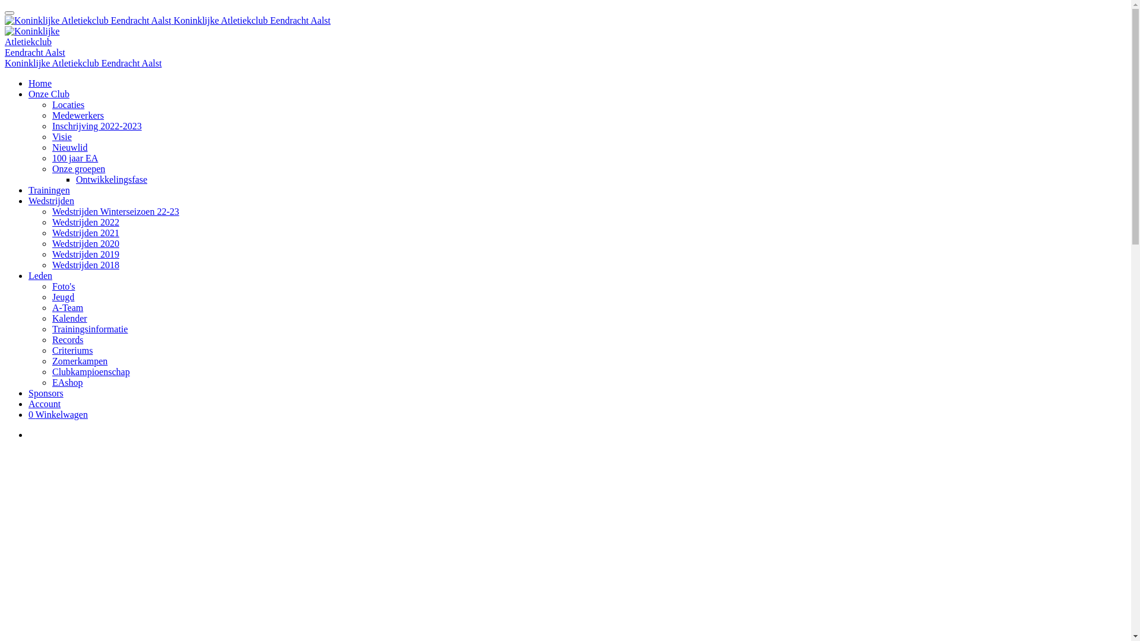  I want to click on 'A-Team', so click(67, 307).